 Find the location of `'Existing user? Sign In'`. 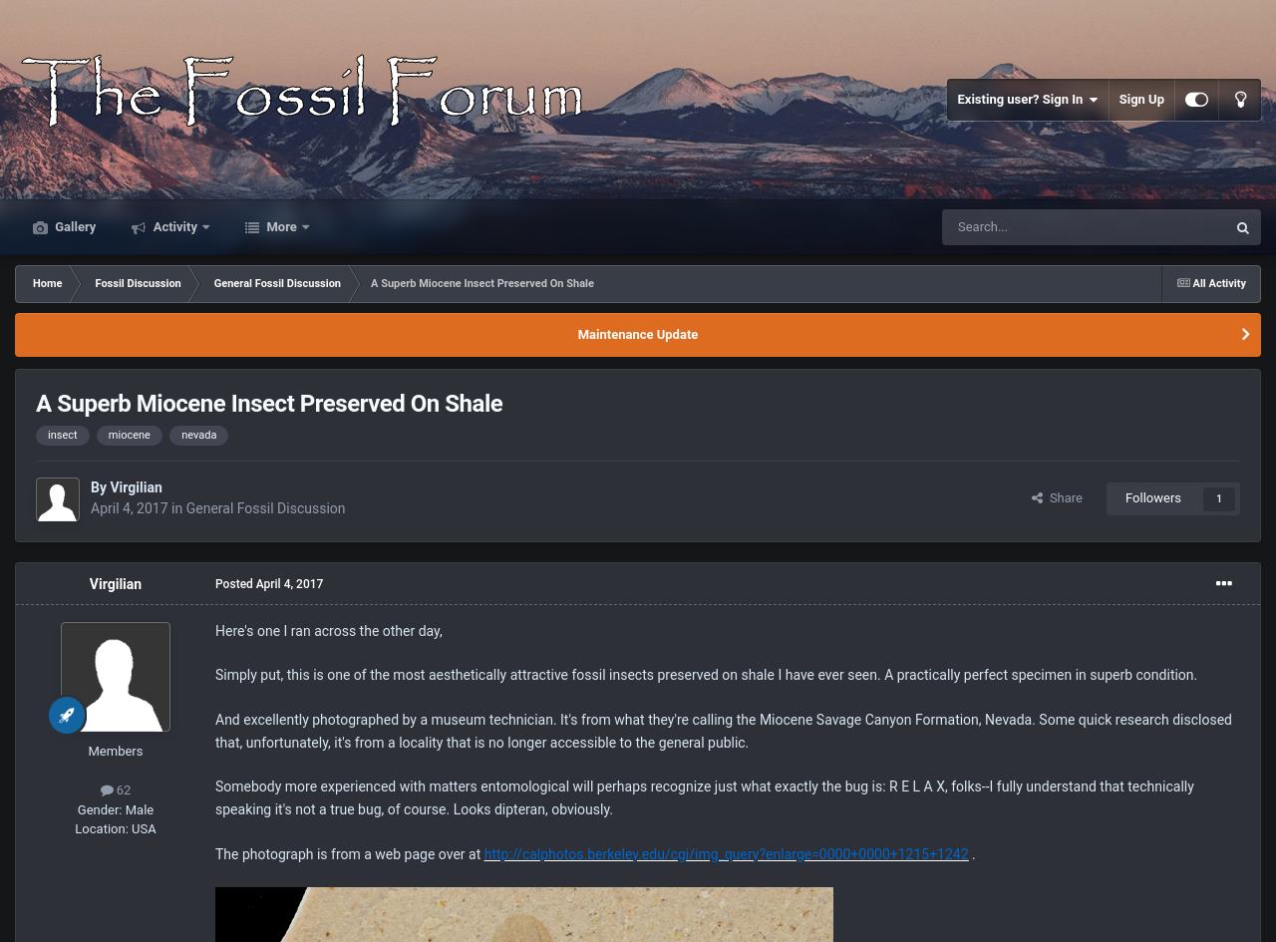

'Existing user? Sign In' is located at coordinates (1023, 98).